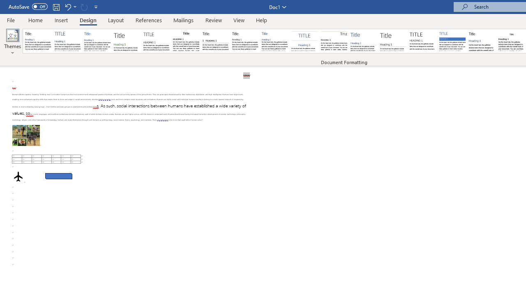 The height and width of the screenshot is (296, 526). What do you see at coordinates (393, 41) in the screenshot?
I see `'Lines (Stylish)'` at bounding box center [393, 41].